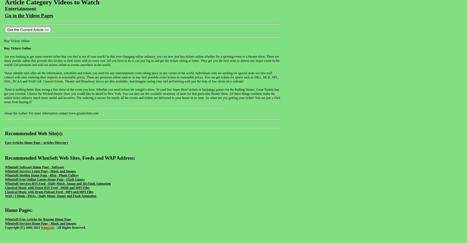 Image resolution: width=467 pixels, height=243 pixels. I want to click on 'Copyright (C) 2006-2023', so click(22, 227).